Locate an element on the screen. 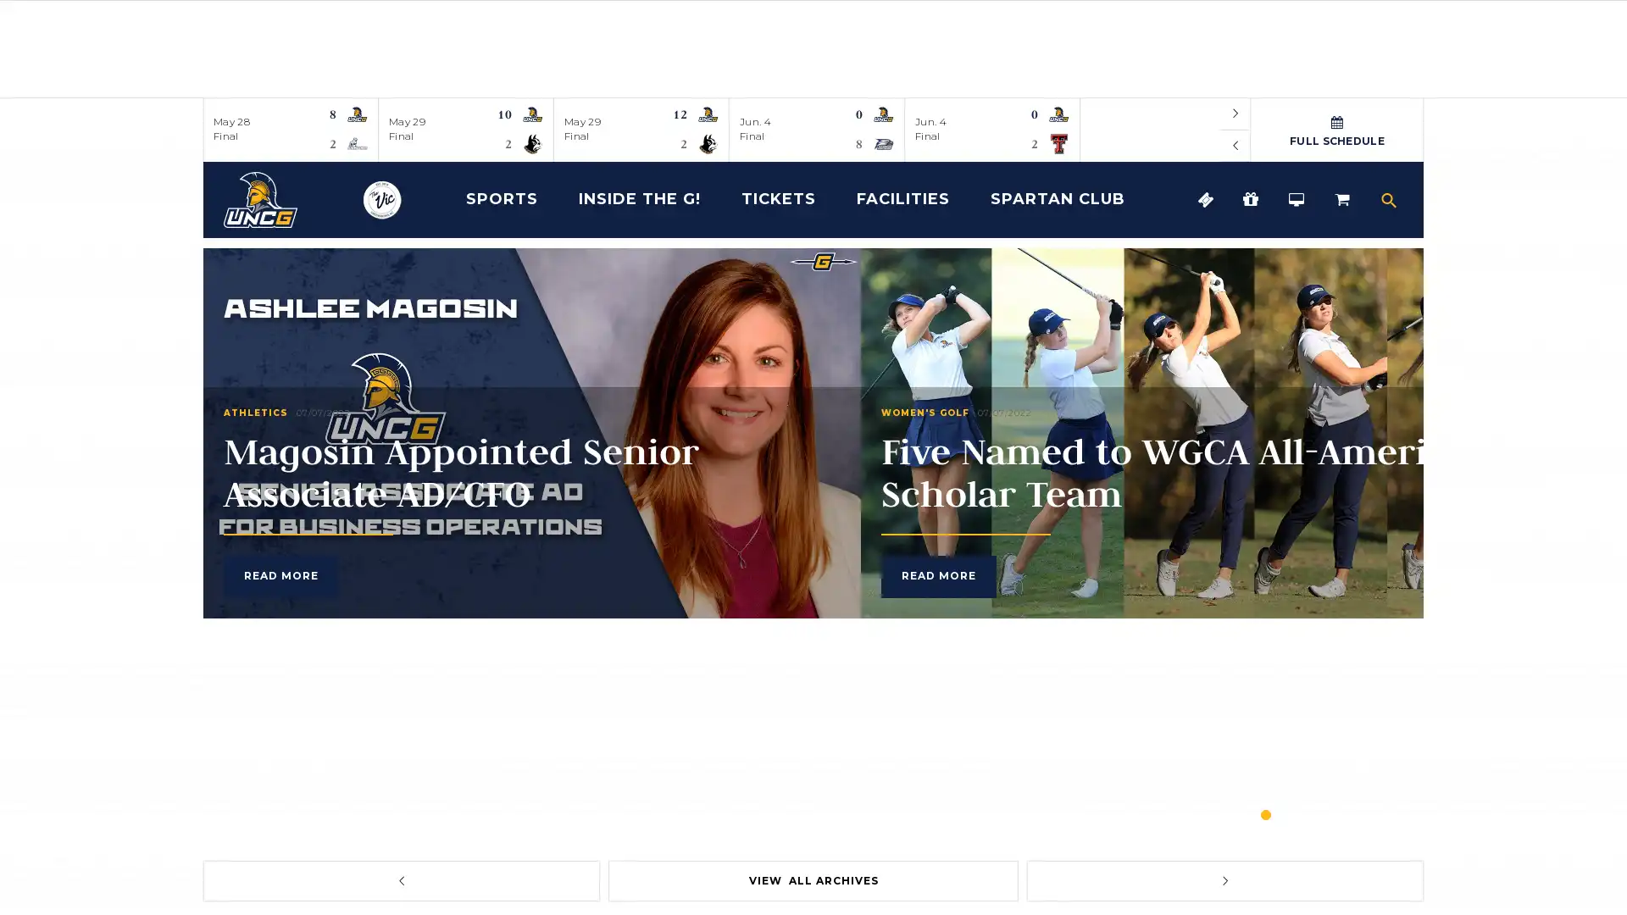 The width and height of the screenshot is (1627, 915). Navigate to slide 3 is located at coordinates (1325, 813).